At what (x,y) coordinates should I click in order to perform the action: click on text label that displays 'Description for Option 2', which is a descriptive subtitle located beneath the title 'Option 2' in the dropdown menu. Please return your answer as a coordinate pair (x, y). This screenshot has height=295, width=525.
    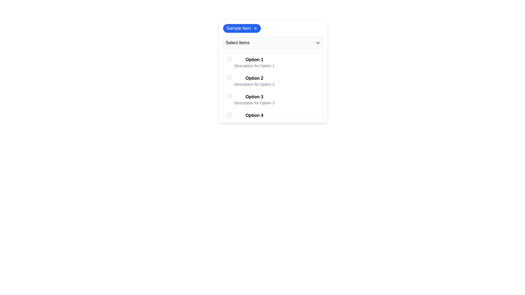
    Looking at the image, I should click on (254, 84).